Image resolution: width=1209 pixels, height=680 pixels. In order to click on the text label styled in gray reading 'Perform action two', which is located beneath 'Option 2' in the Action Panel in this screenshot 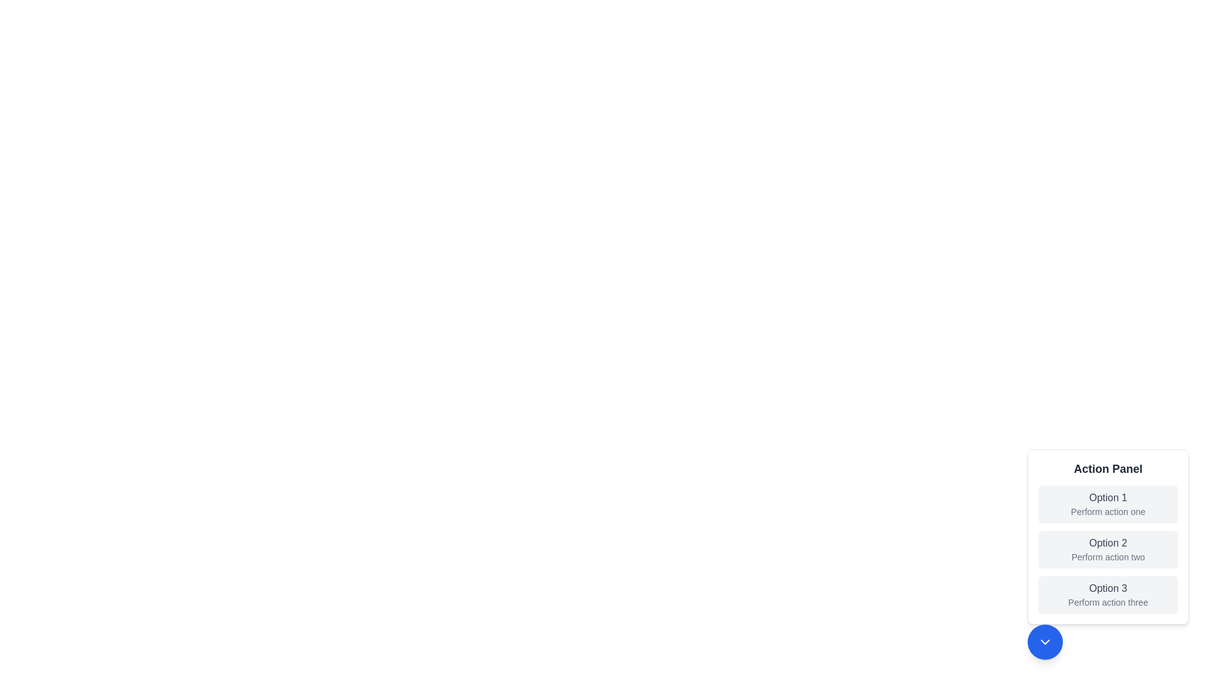, I will do `click(1108, 556)`.